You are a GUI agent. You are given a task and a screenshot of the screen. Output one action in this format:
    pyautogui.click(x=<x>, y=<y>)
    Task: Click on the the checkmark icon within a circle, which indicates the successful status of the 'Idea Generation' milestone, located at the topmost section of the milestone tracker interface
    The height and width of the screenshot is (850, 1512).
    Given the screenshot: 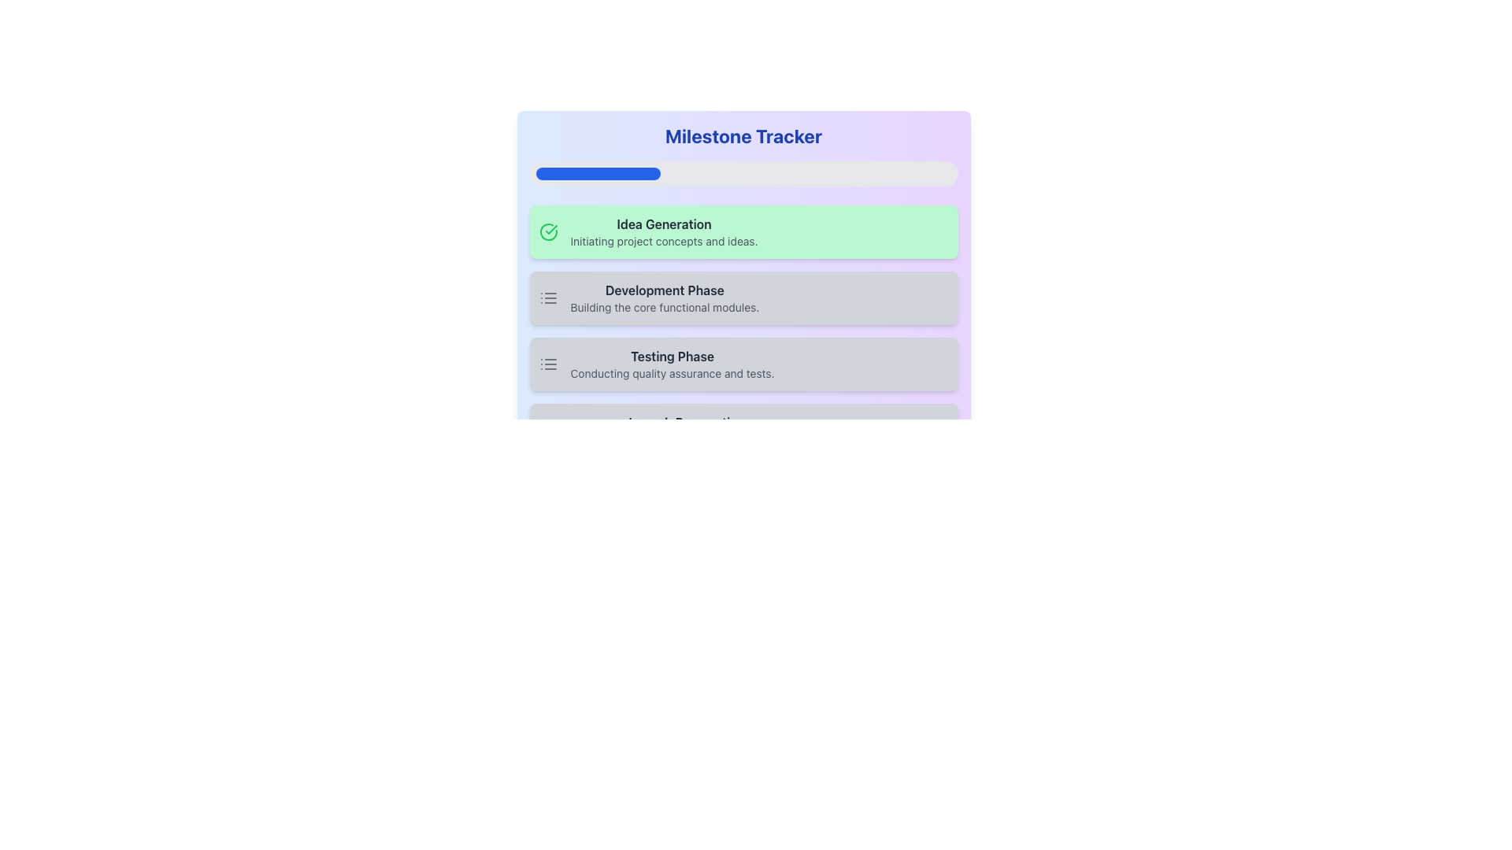 What is the action you would take?
    pyautogui.click(x=548, y=231)
    